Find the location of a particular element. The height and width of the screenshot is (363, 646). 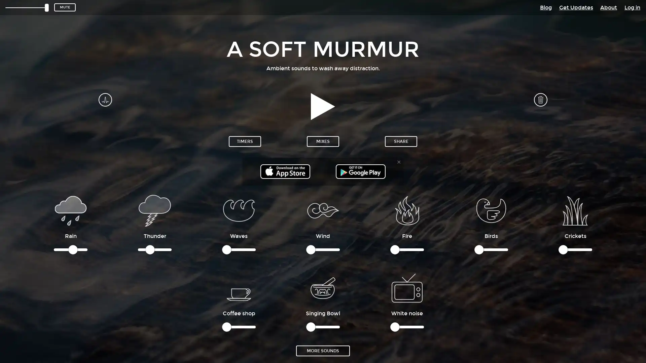

TIMERS is located at coordinates (245, 141).